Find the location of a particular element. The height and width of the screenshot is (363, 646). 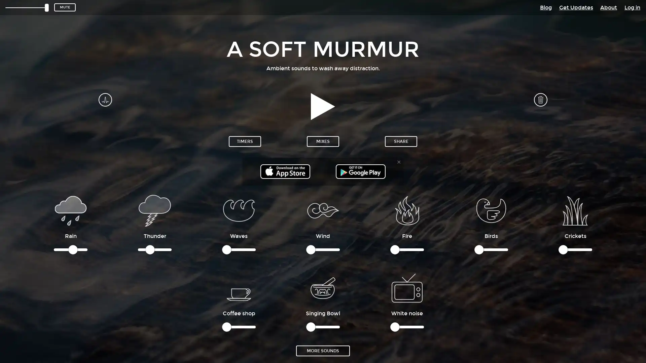

TIMERS is located at coordinates (245, 141).